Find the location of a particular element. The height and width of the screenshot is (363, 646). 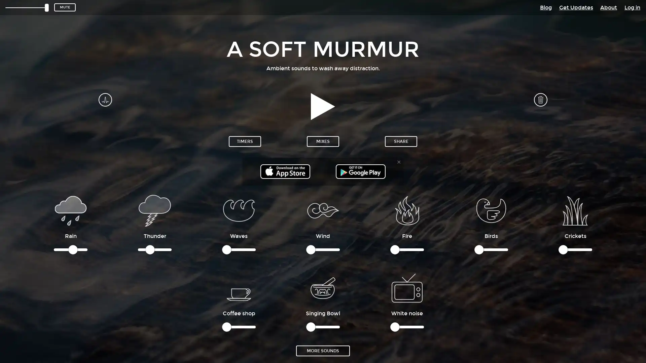

TIMERS is located at coordinates (245, 141).